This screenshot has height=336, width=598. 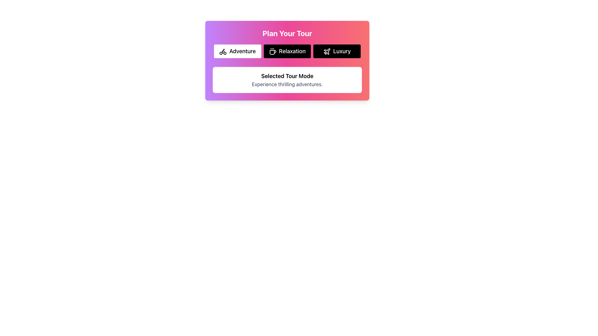 What do you see at coordinates (287, 84) in the screenshot?
I see `informational content from the Text Label located within the white box titled 'Selected Tour Mode', which is horizontally centered and follows the title` at bounding box center [287, 84].